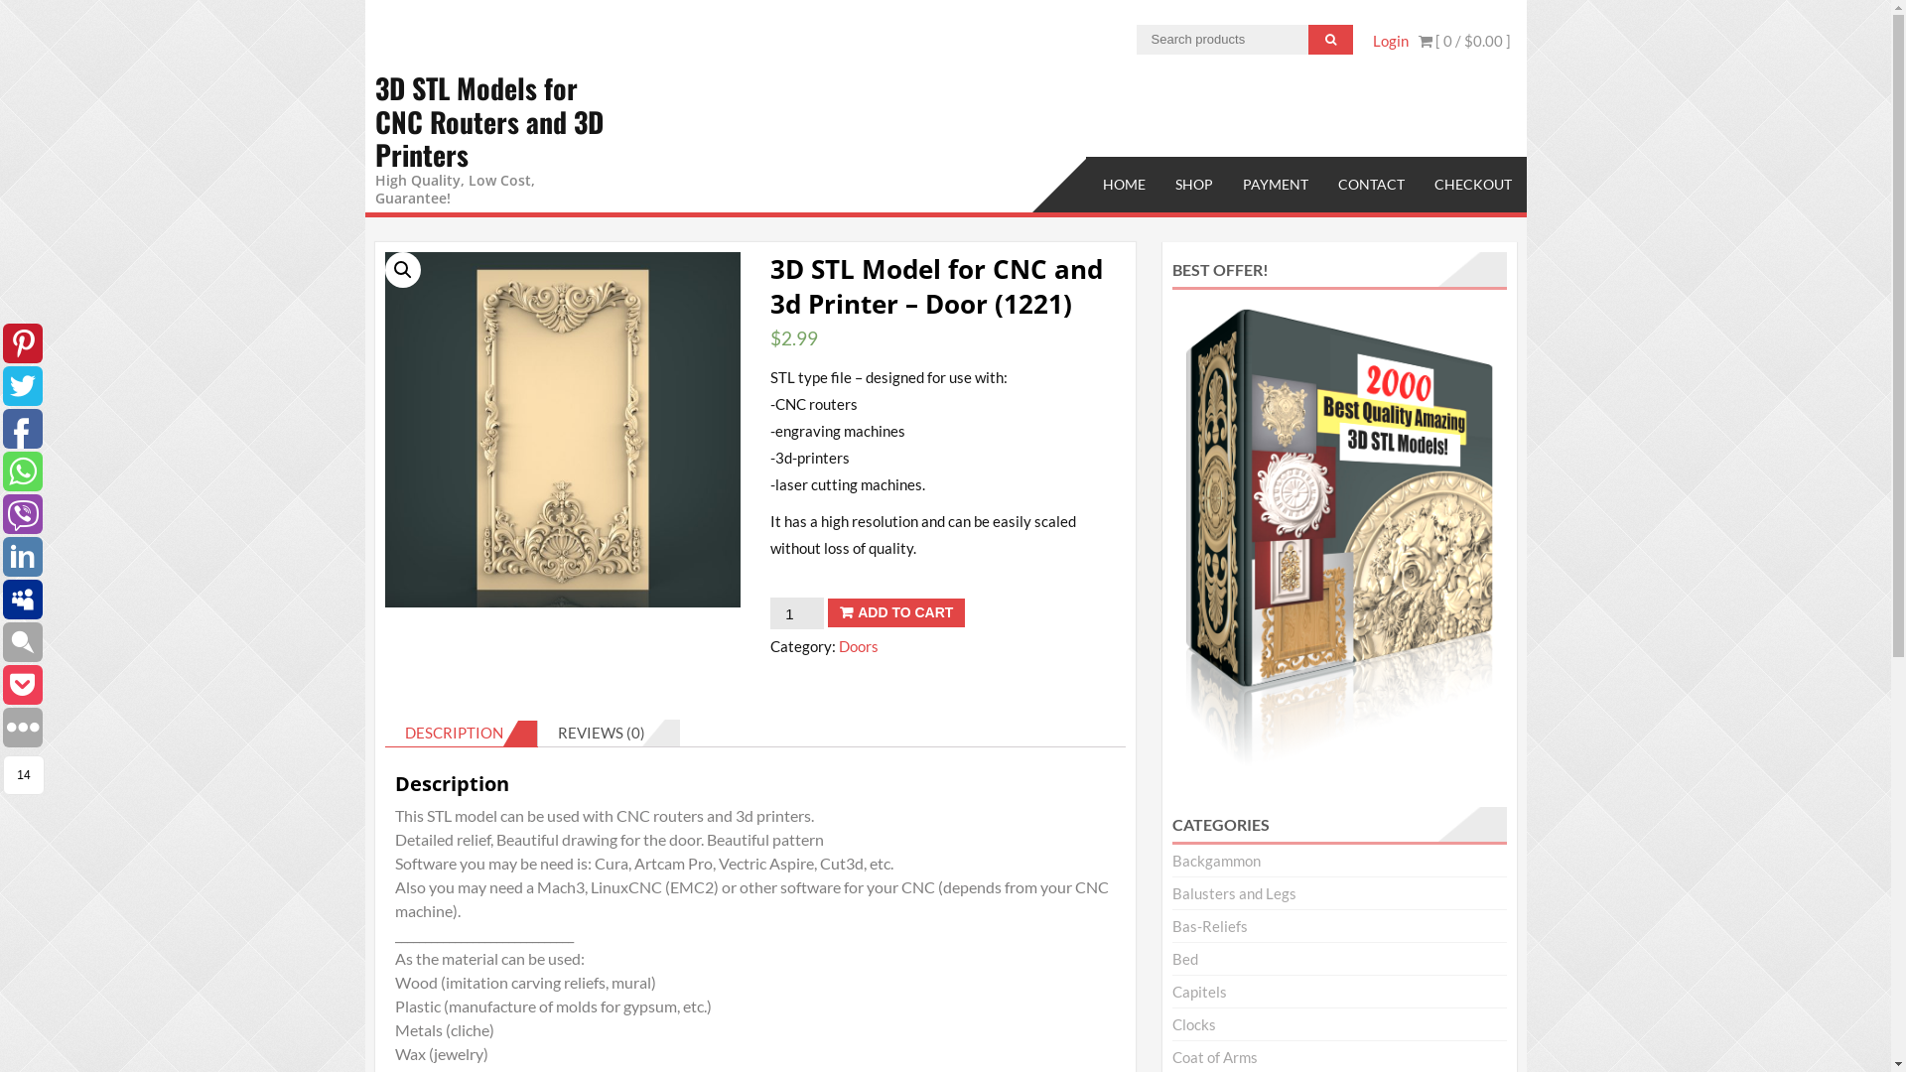 The width and height of the screenshot is (1906, 1072). I want to click on 'Bas-Reliefs', so click(1209, 926).